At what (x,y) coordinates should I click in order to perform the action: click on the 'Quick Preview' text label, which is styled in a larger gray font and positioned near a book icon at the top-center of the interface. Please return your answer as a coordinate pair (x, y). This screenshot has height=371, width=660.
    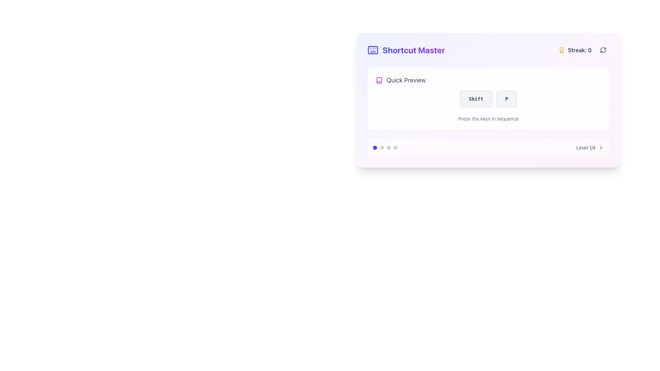
    Looking at the image, I should click on (406, 80).